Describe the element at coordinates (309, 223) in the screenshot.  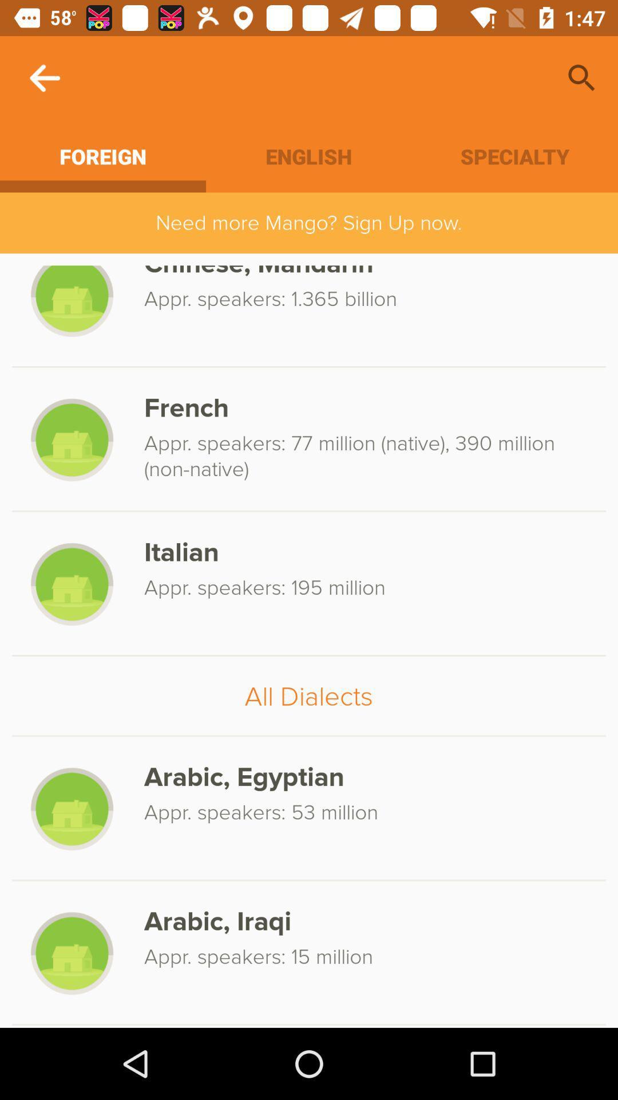
I see `the need more mango` at that location.